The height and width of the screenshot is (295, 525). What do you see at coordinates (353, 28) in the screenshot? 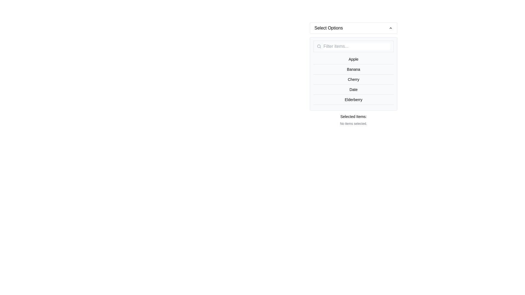
I see `the 'Select Options' dropdown header for accessibility navigation by moving the cursor to its center point` at bounding box center [353, 28].